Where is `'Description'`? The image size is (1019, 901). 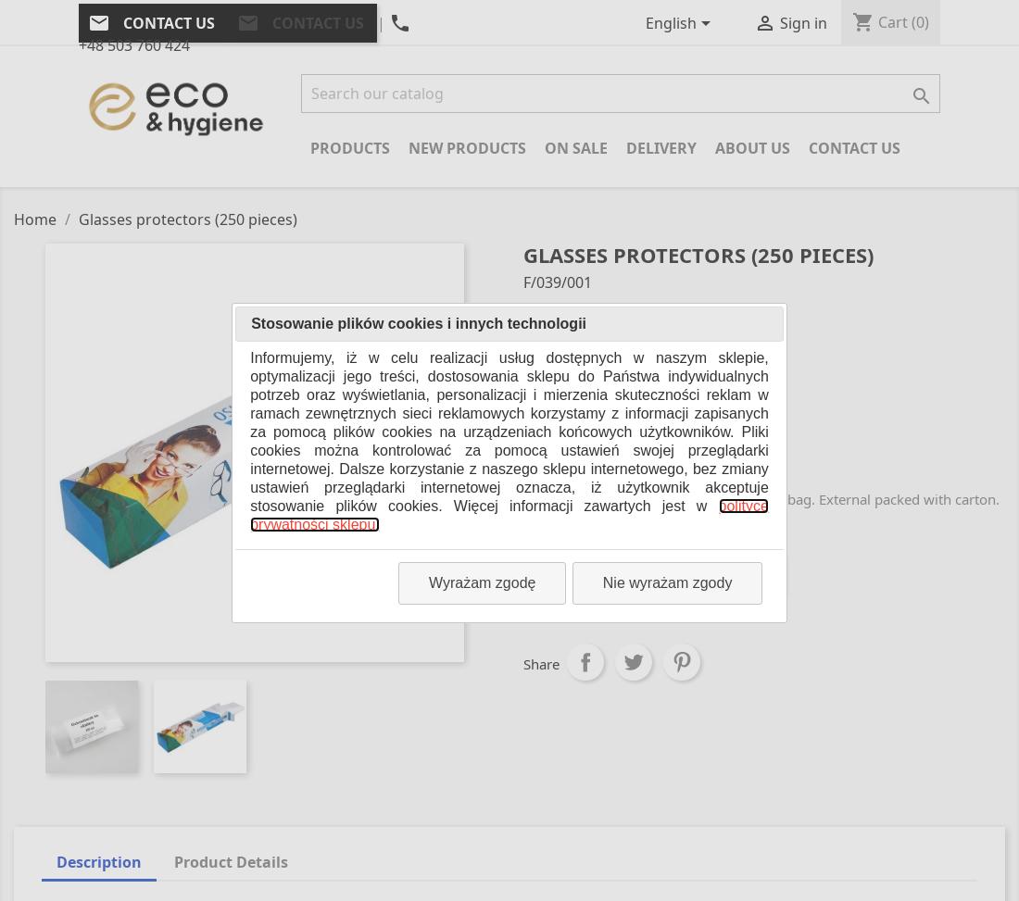
'Description' is located at coordinates (99, 860).